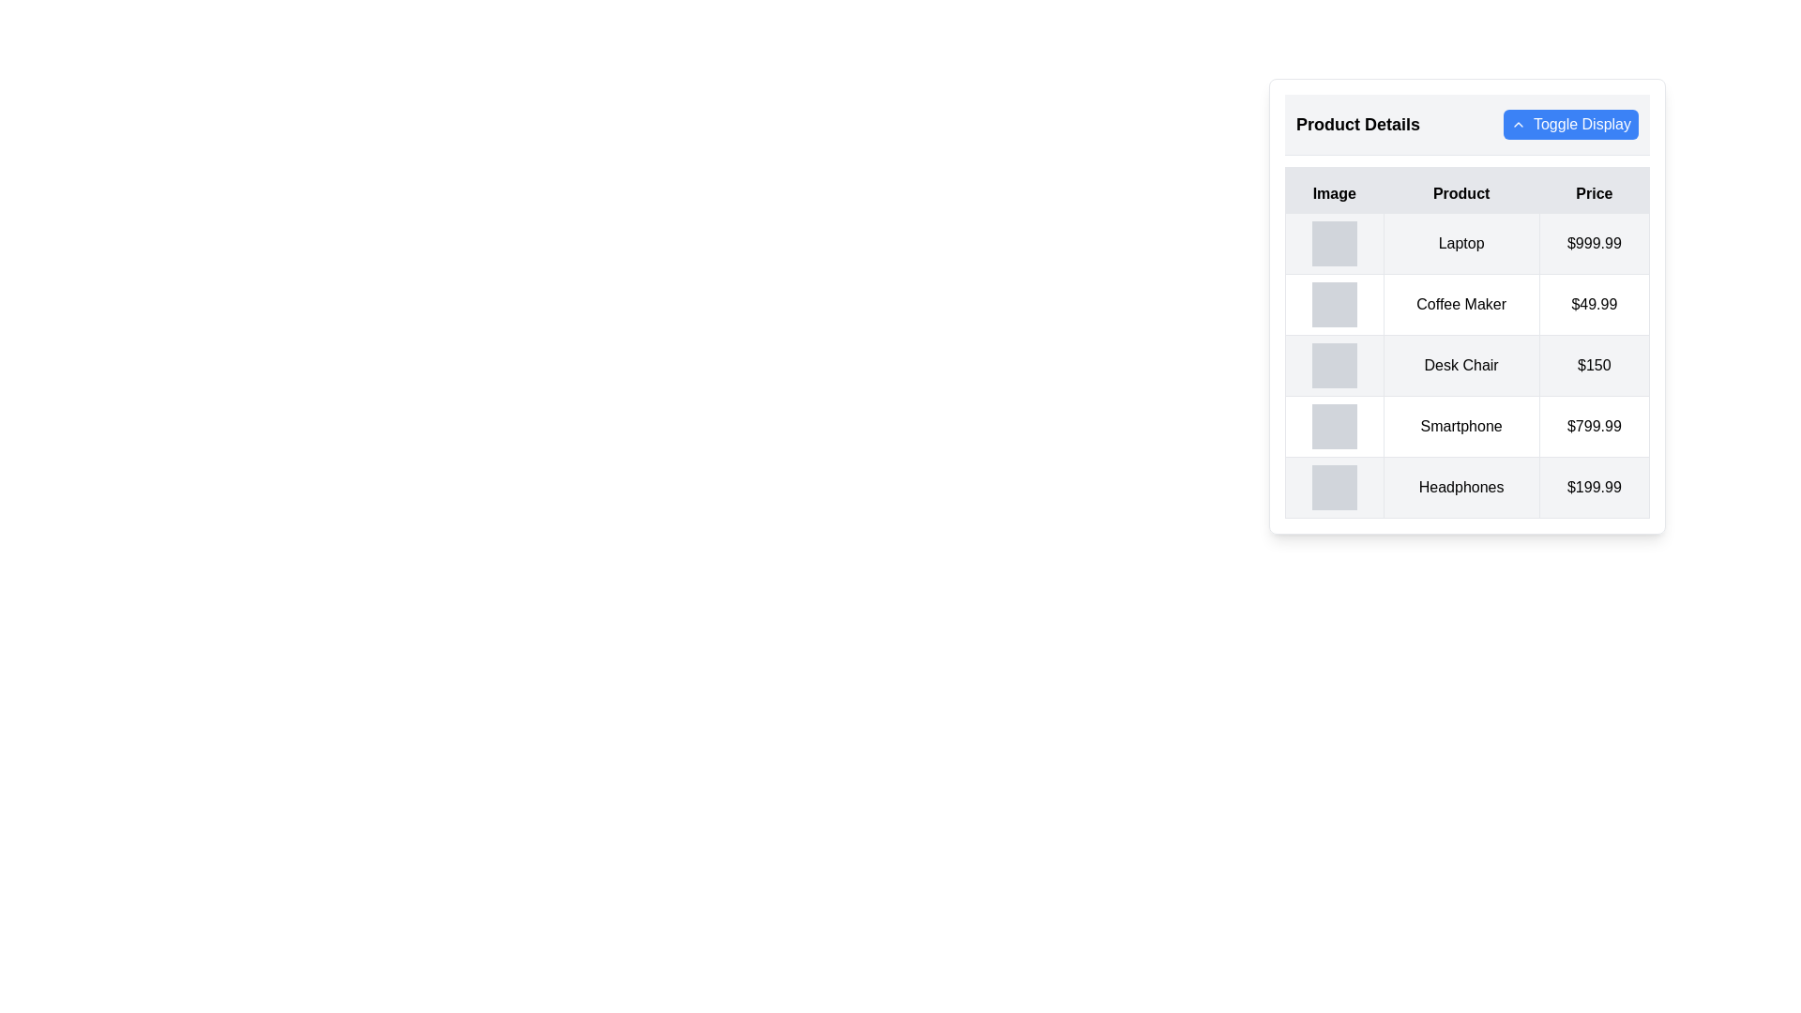 The image size is (1801, 1013). I want to click on the image placeholder for the 'Smartphone' product, so click(1333, 427).